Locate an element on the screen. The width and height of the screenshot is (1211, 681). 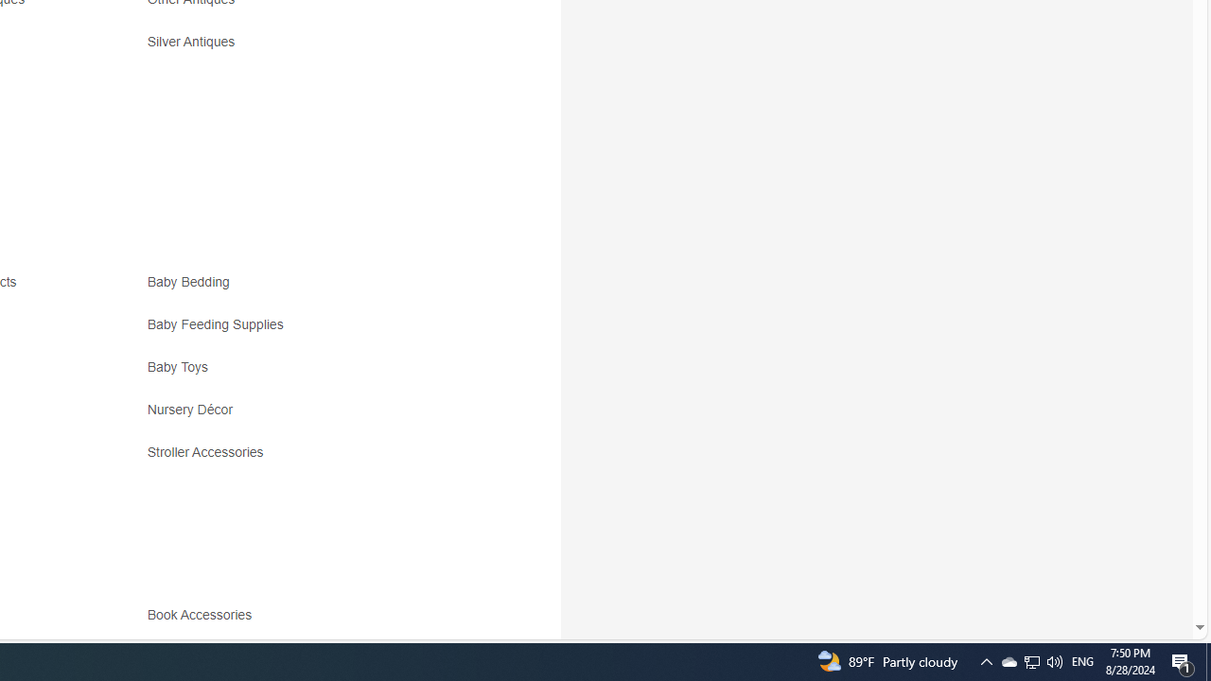
'Baby Toys' is located at coordinates (314, 374).